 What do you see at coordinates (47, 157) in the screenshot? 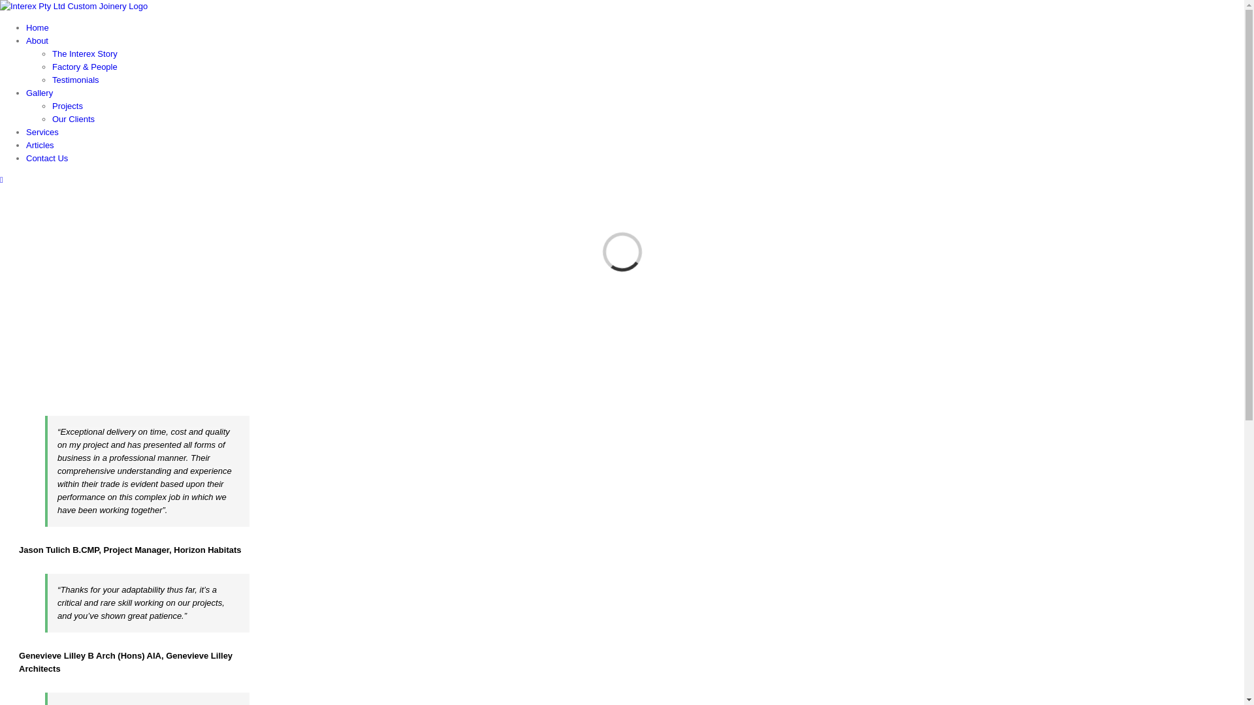
I see `'Contact Us'` at bounding box center [47, 157].